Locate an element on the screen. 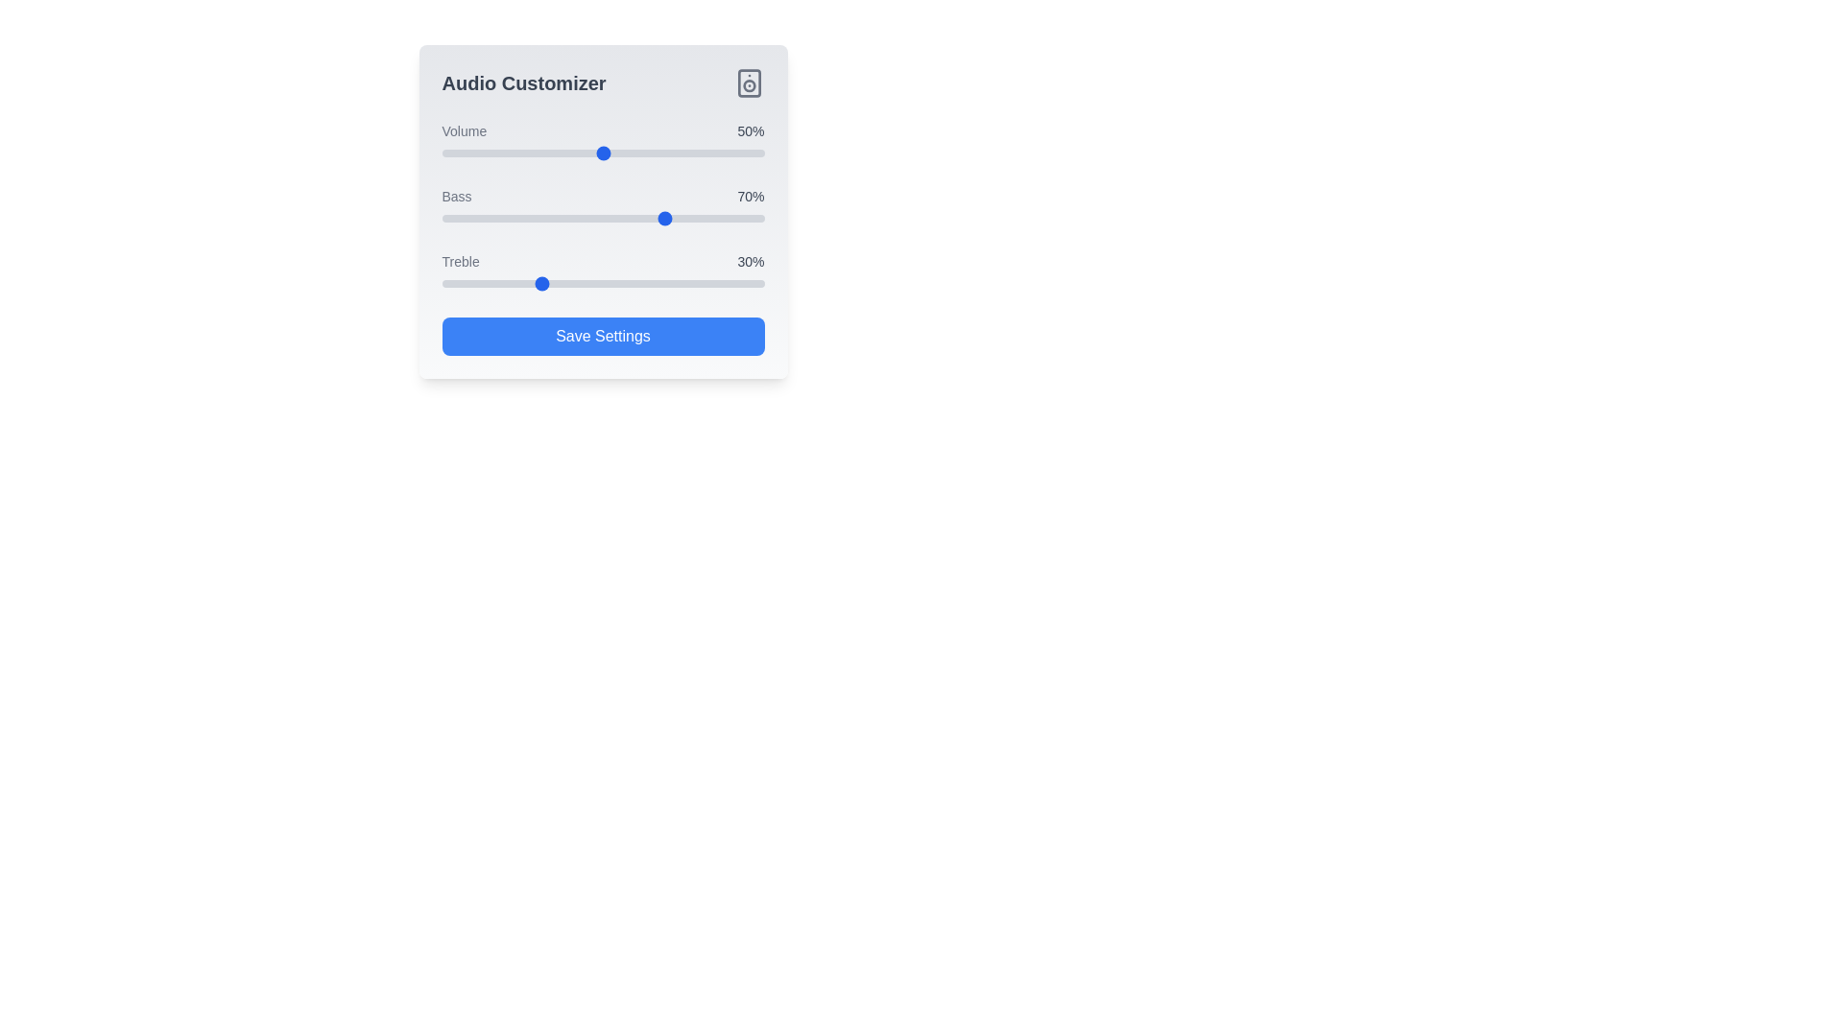  the bass slider to 78% is located at coordinates (692, 217).